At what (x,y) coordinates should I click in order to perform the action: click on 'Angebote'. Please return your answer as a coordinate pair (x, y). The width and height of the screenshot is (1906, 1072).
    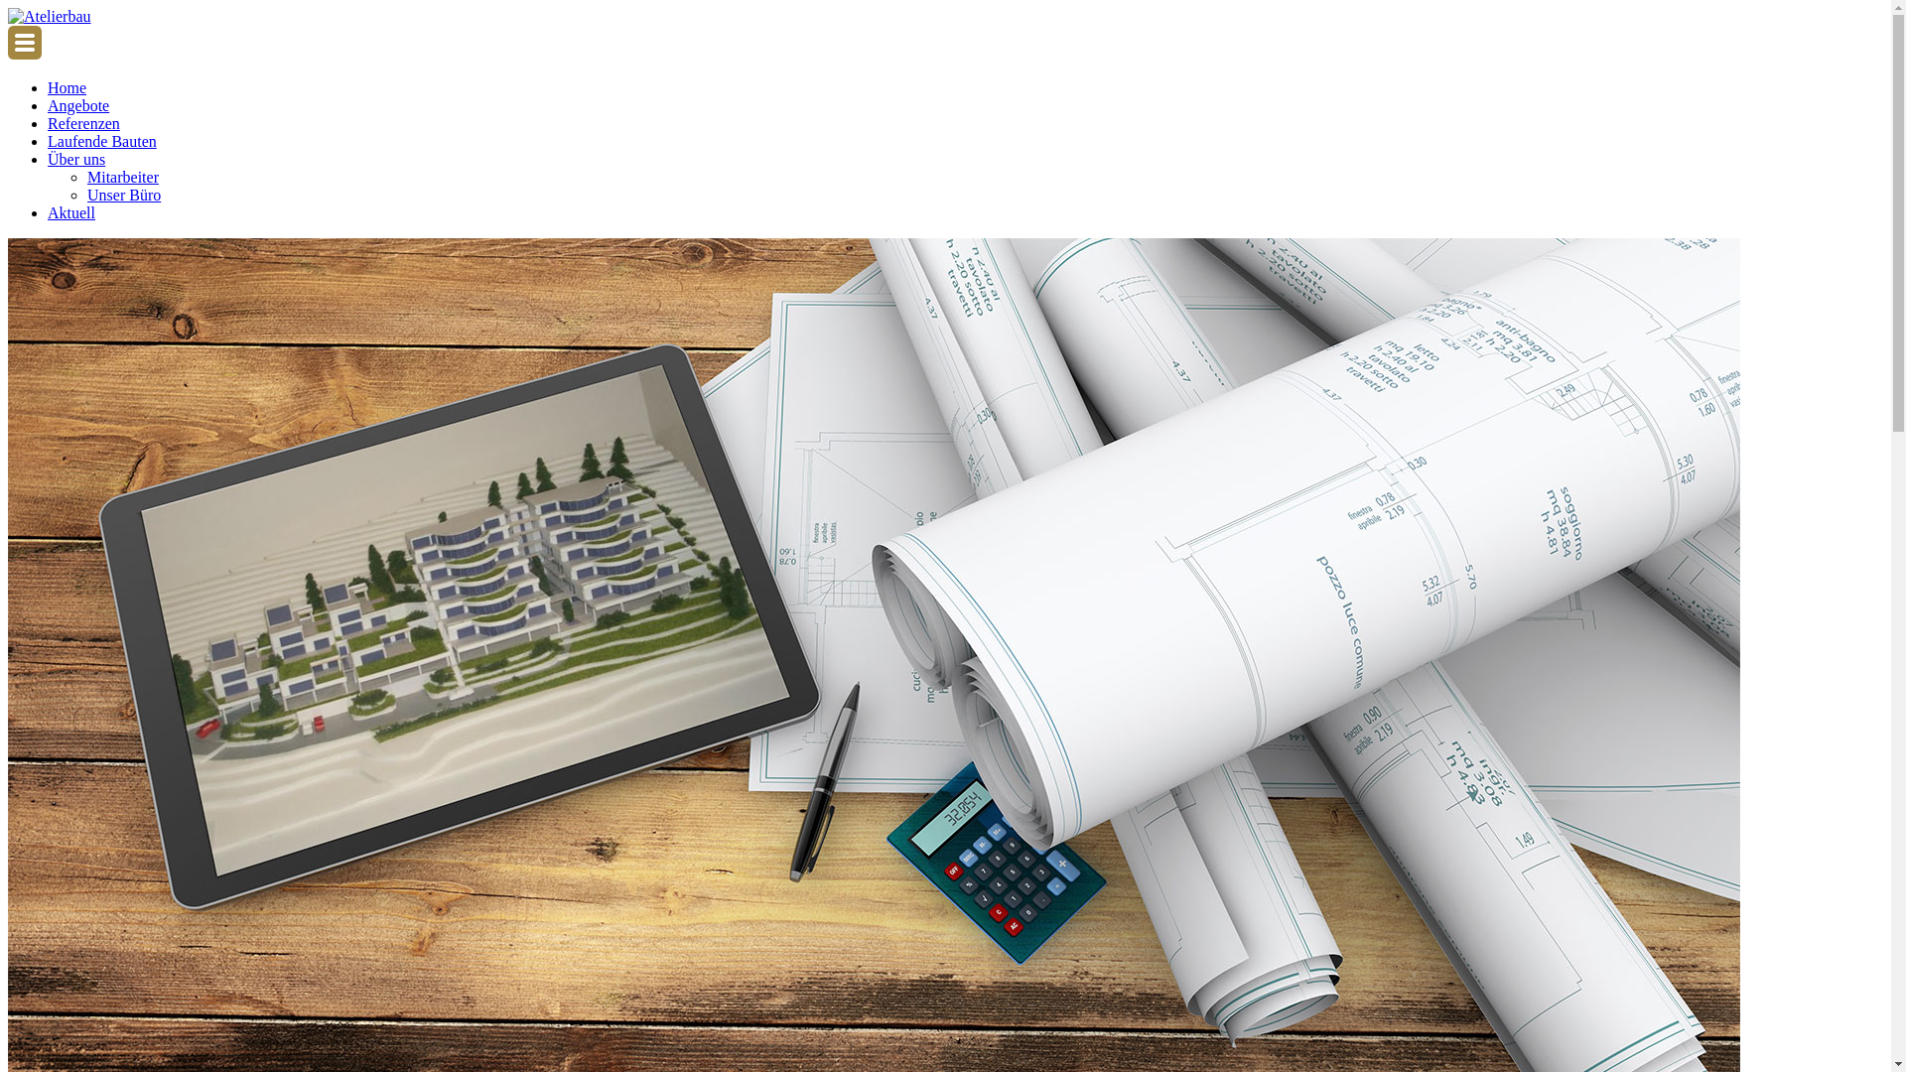
    Looking at the image, I should click on (77, 105).